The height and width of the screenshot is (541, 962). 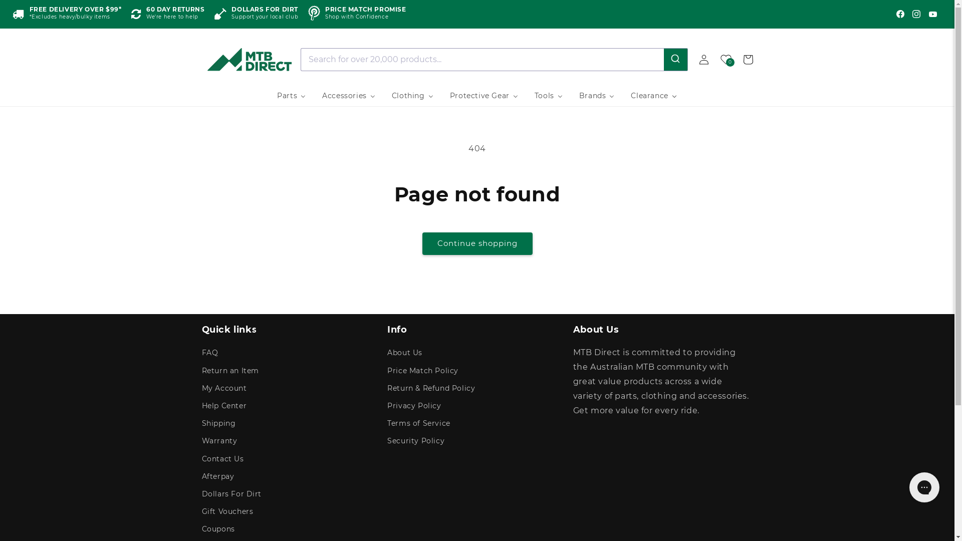 I want to click on 'Privacy Policy', so click(x=414, y=406).